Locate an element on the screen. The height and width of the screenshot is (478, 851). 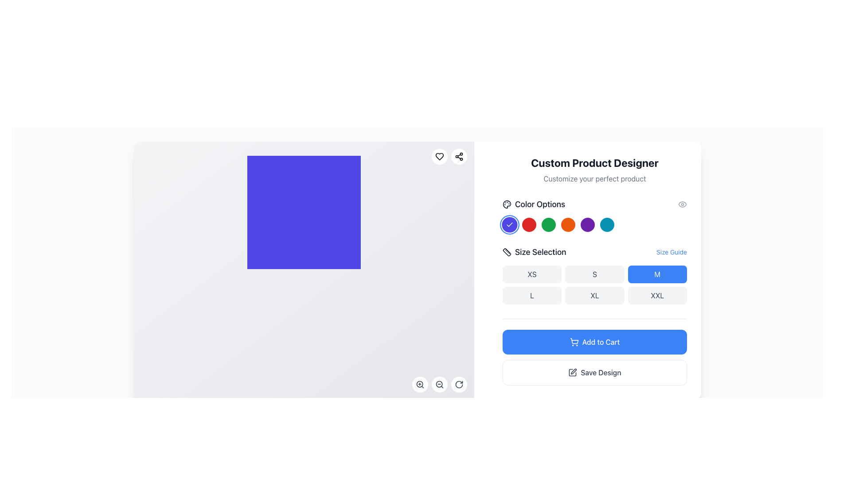
the eye-shaped icon with a hollow center located near the 'Color Options' section is located at coordinates (682, 204).